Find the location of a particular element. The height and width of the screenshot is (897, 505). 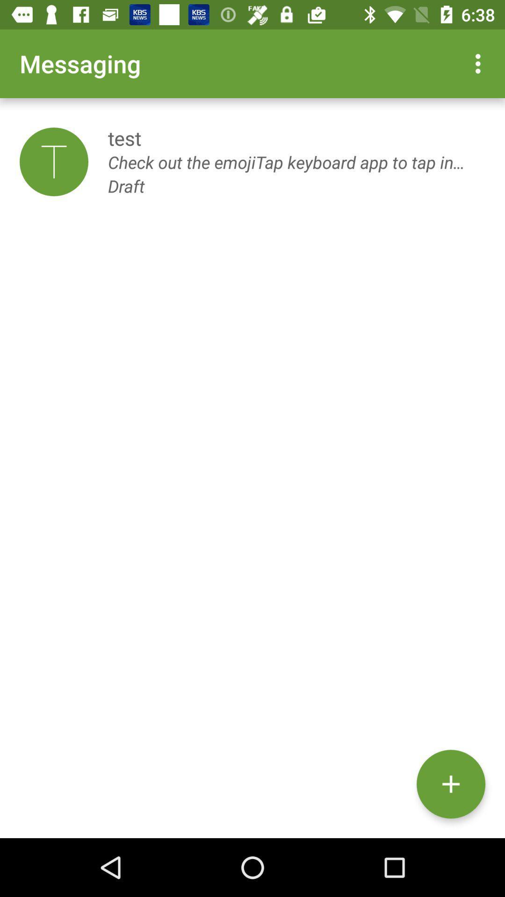

the item next to the test item is located at coordinates (54, 162).